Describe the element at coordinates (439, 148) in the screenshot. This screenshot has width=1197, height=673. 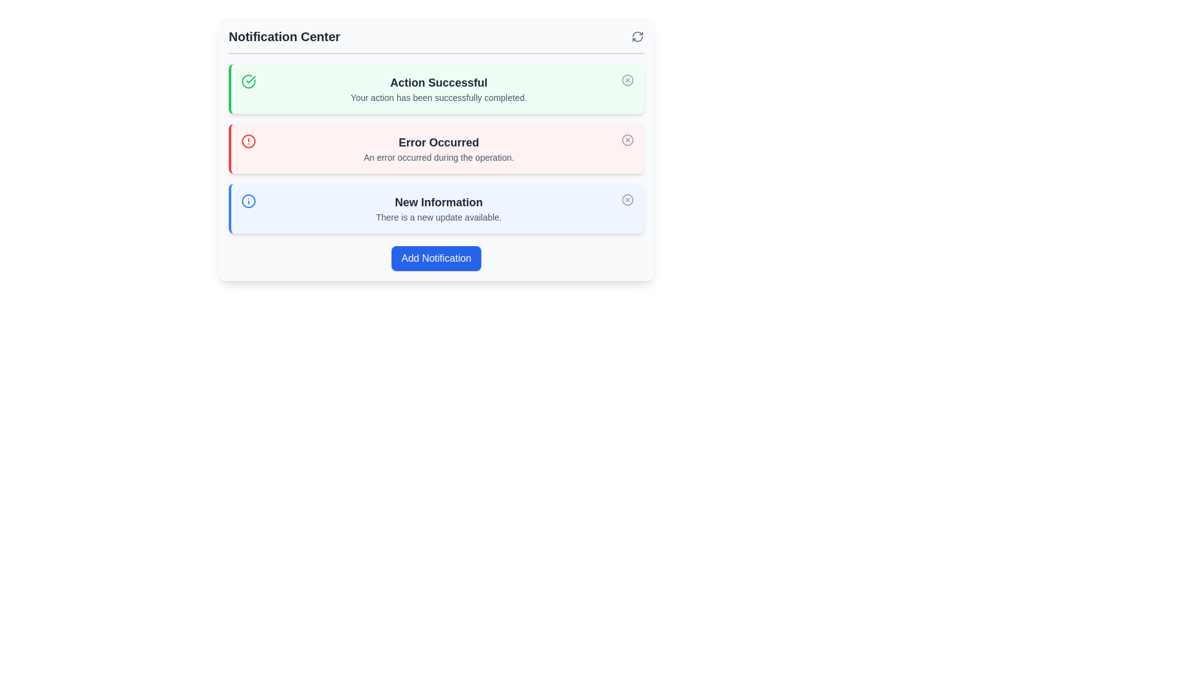
I see `the static text component that notifies the user about an error, positioned below 'Action Successful' and above 'New Information'` at that location.